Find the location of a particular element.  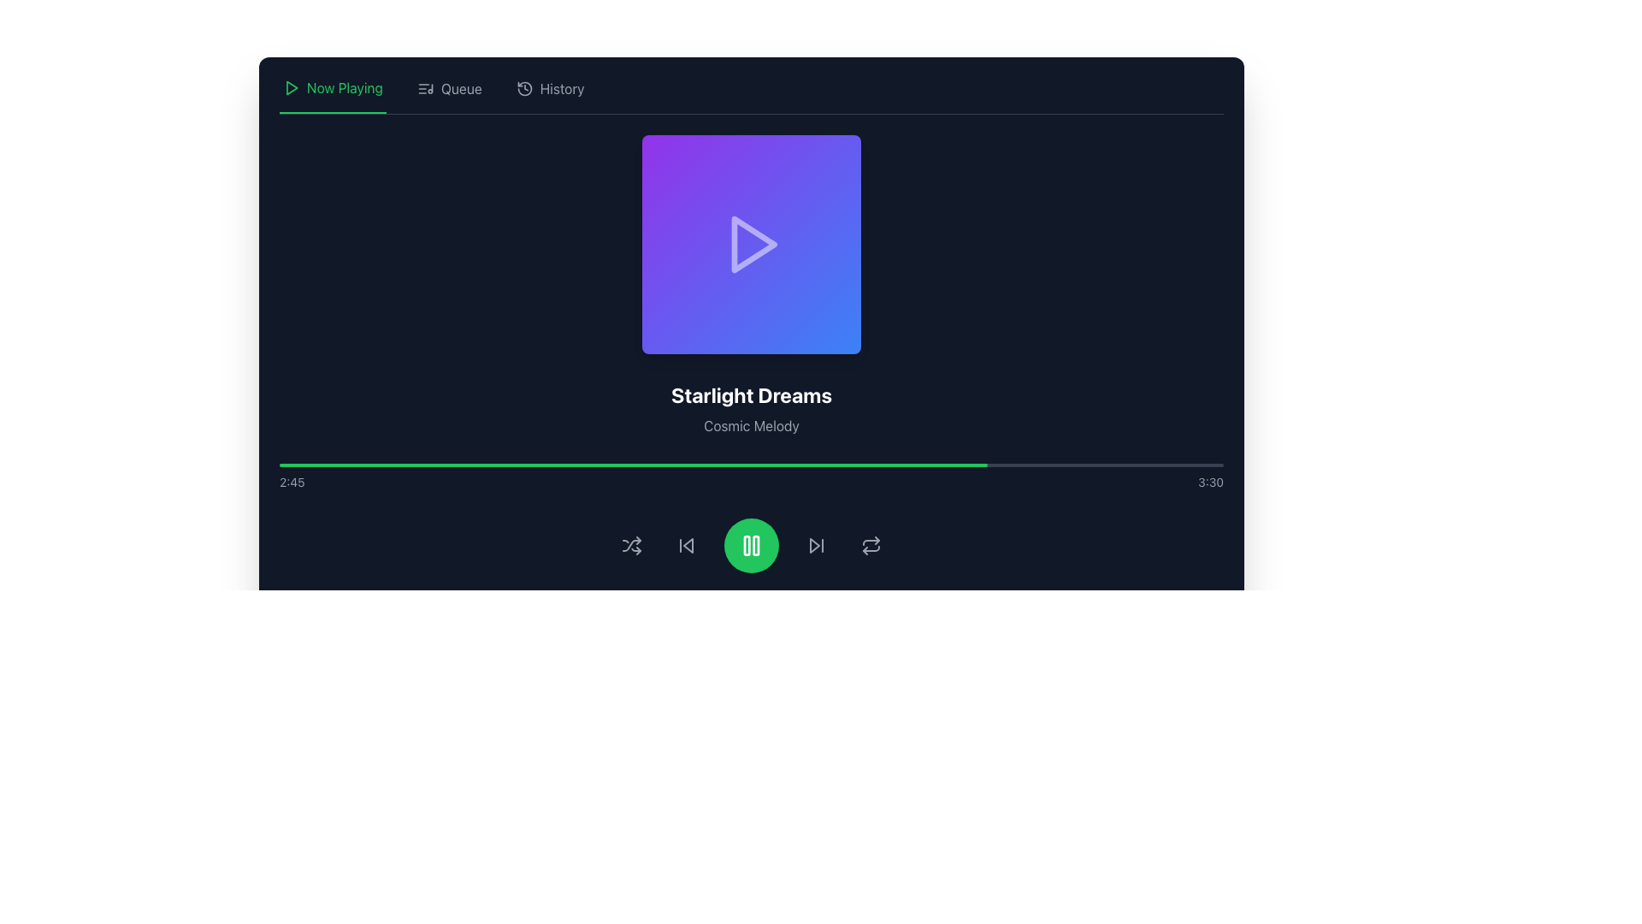

the progress bar is located at coordinates (930, 465).